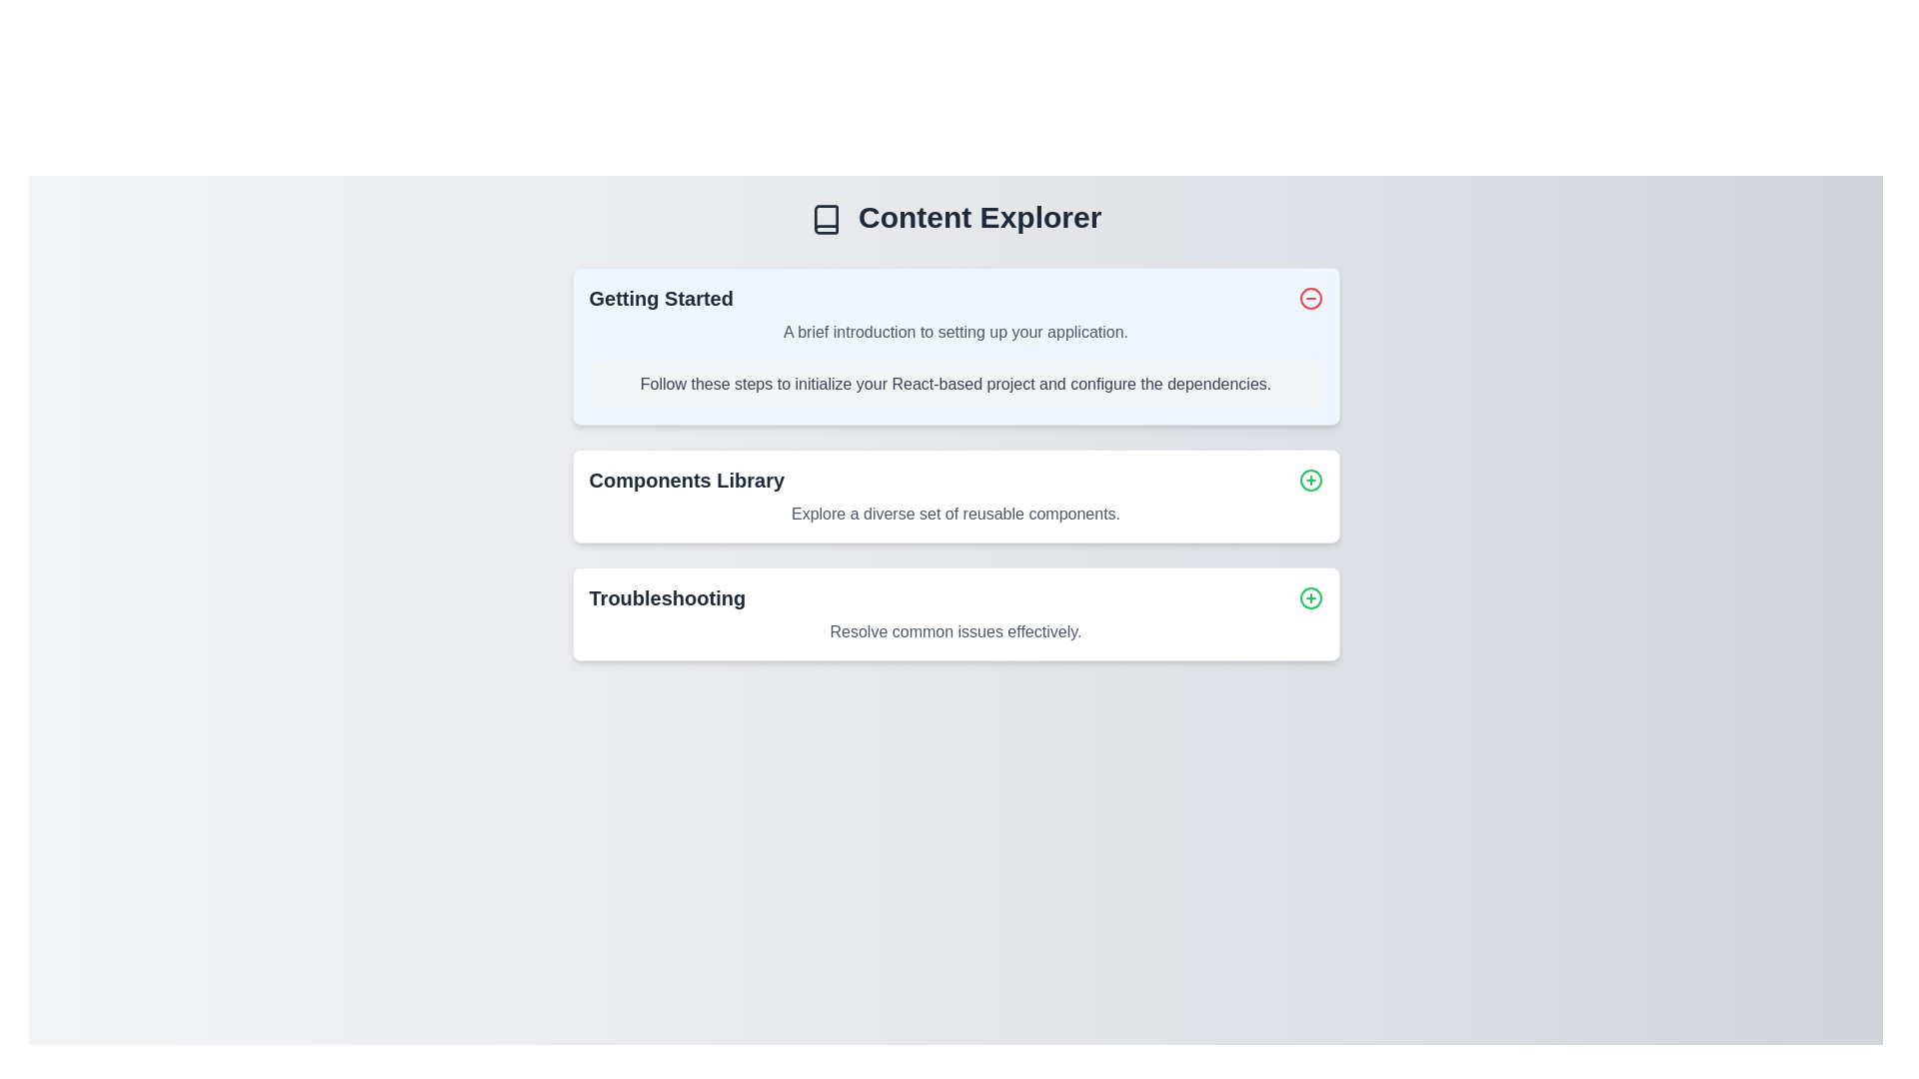 This screenshot has height=1079, width=1919. Describe the element at coordinates (687, 481) in the screenshot. I see `text from the 'Components Library' label, which is a bold, dark gray text centrally positioned in the interface above a description text` at that location.